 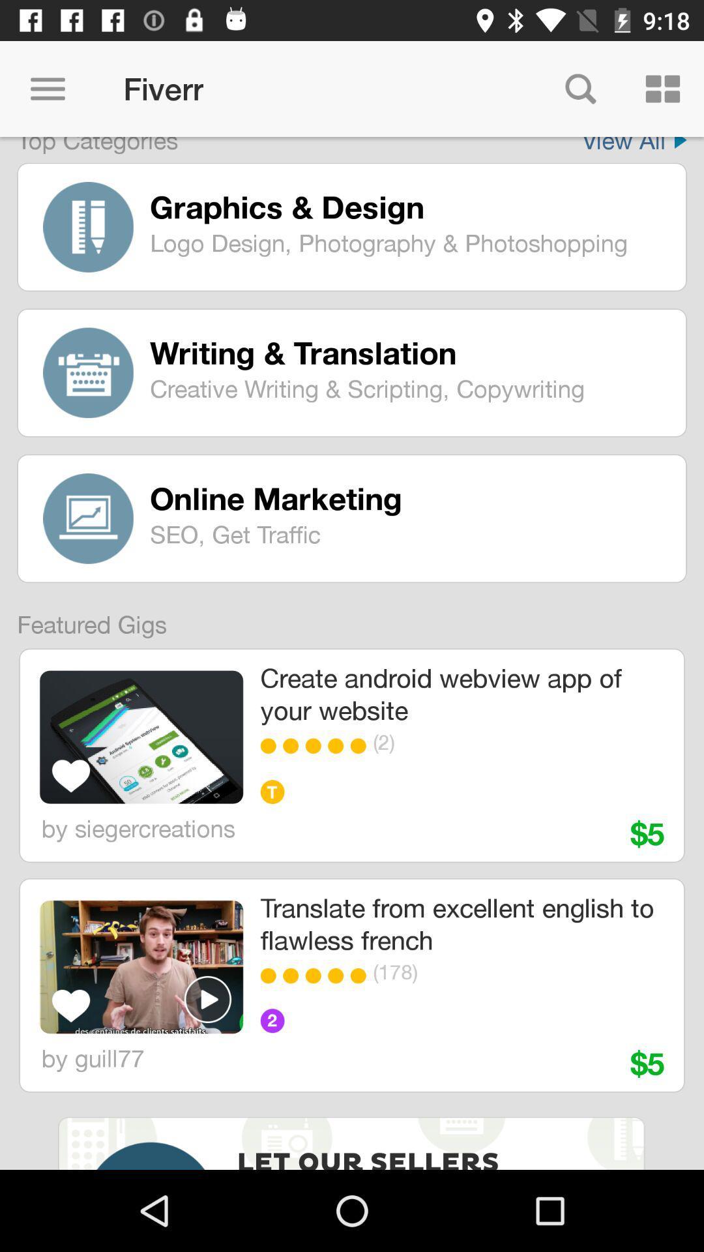 I want to click on the item below the translate from excellent icon, so click(x=498, y=972).